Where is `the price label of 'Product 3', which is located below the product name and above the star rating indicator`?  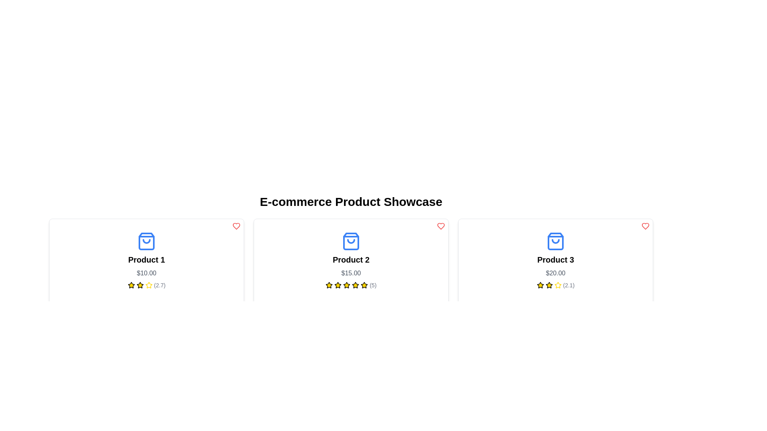 the price label of 'Product 3', which is located below the product name and above the star rating indicator is located at coordinates (555, 273).